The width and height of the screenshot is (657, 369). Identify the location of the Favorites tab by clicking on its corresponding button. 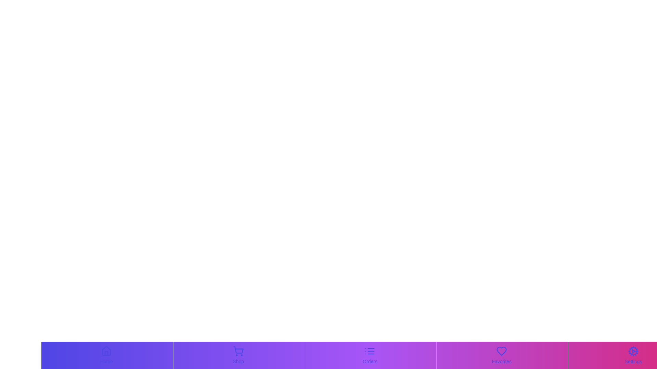
(501, 355).